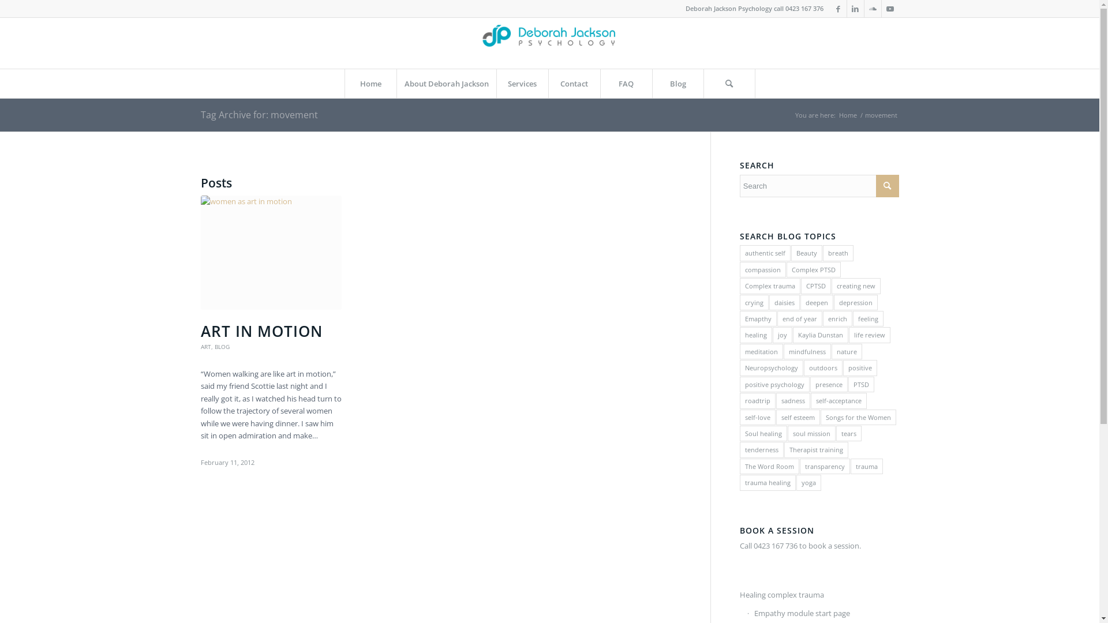  Describe the element at coordinates (815, 286) in the screenshot. I see `'CPTSD'` at that location.